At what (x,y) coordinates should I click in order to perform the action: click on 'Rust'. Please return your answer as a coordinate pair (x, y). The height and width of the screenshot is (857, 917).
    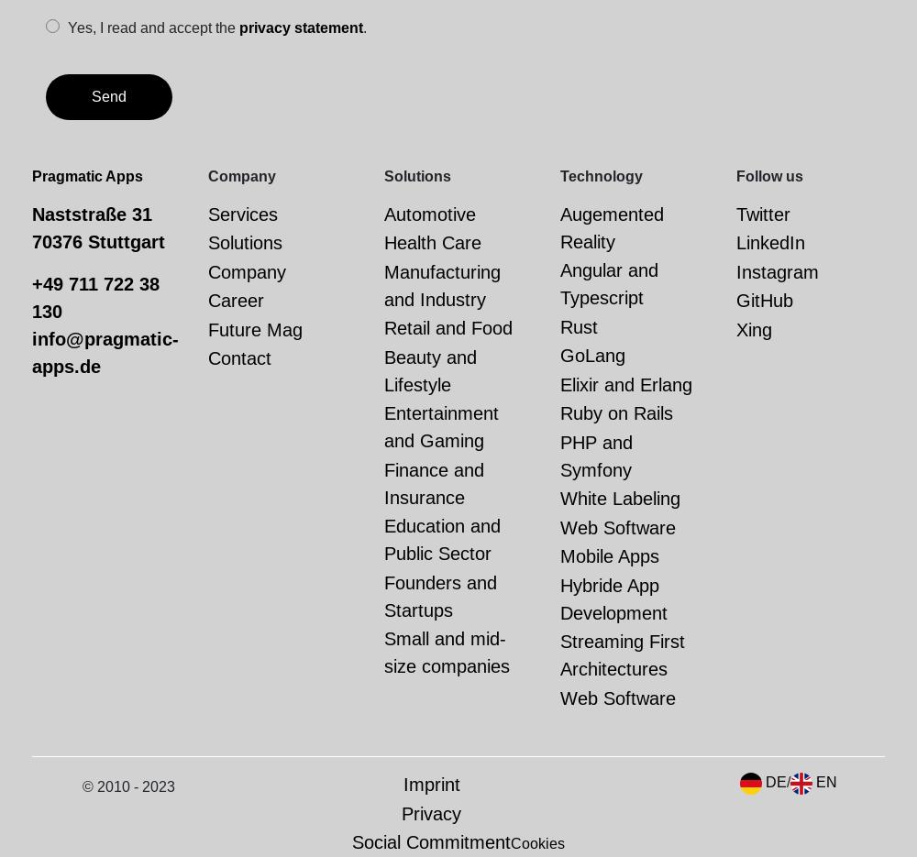
    Looking at the image, I should click on (559, 325).